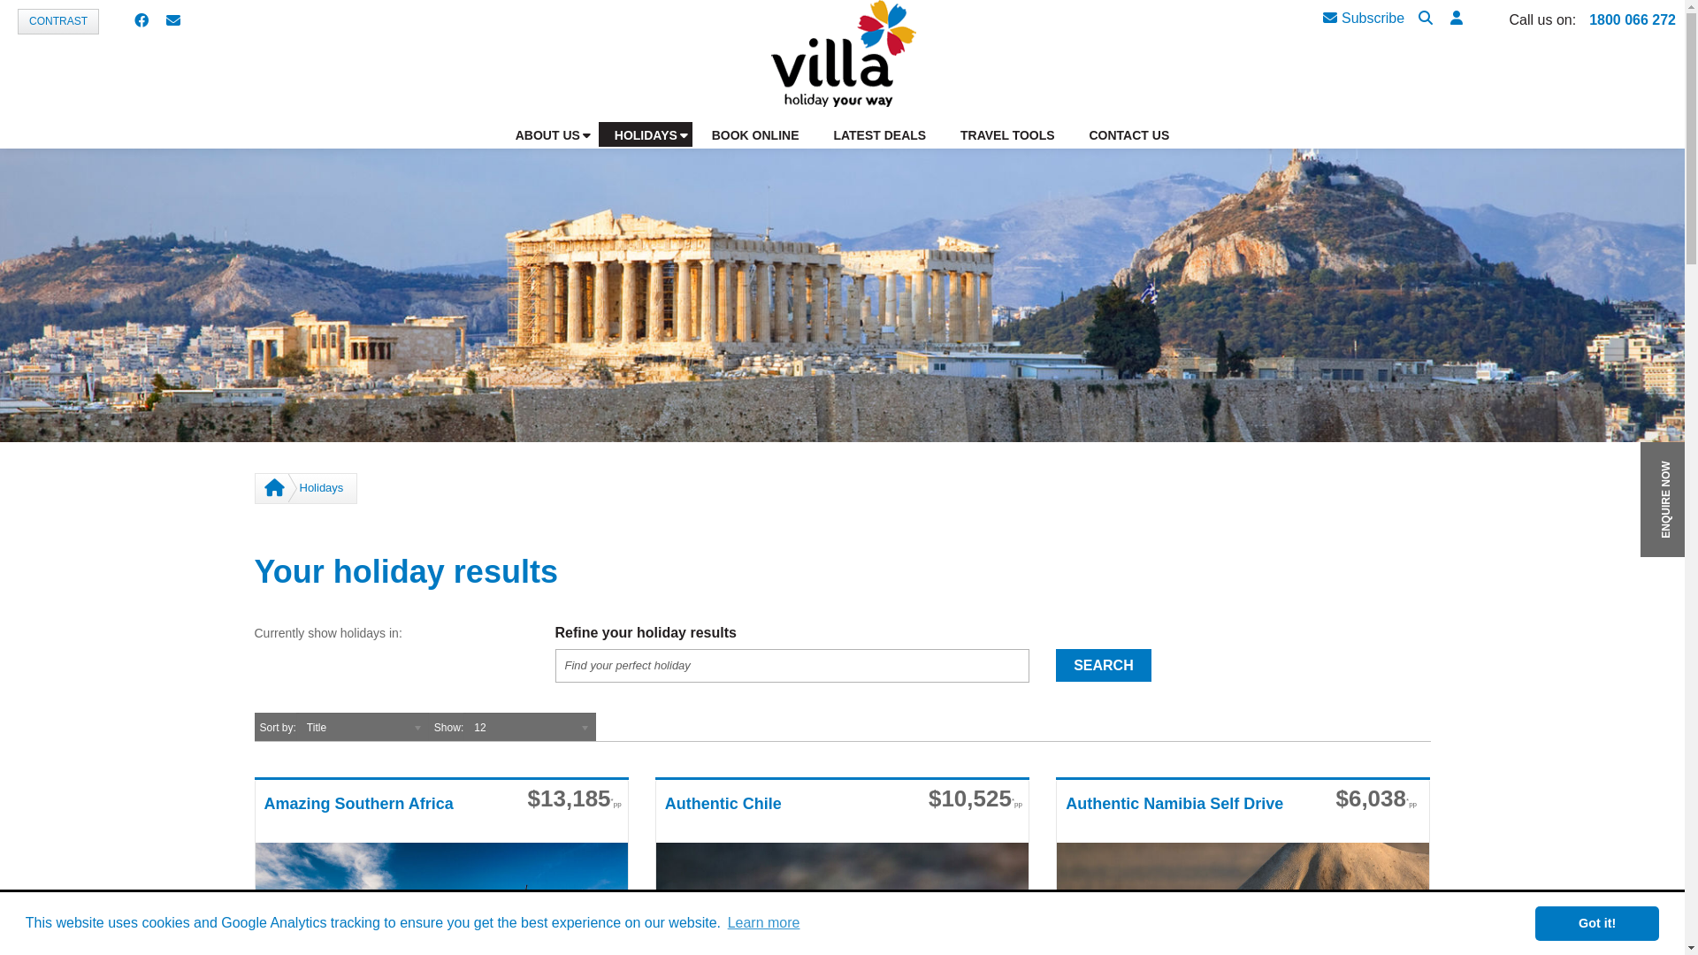 The height and width of the screenshot is (955, 1698). Describe the element at coordinates (1128, 133) in the screenshot. I see `'CONTACT US'` at that location.